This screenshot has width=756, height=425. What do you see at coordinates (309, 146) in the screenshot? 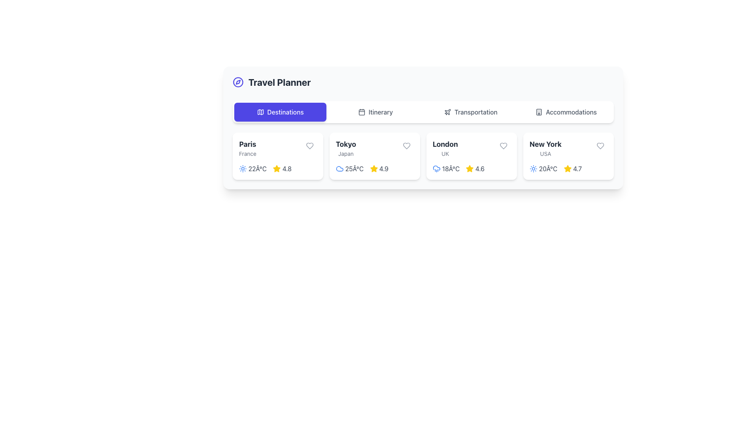
I see `the circular button with a transparent background and an outlined gray heart icon located at the top-right corner of the 'Paris, France' card to favorite or unfavorite the destination` at bounding box center [309, 146].